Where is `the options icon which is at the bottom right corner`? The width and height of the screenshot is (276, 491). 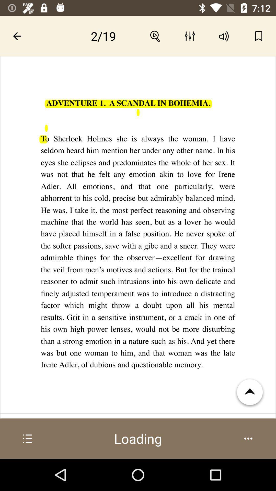
the options icon which is at the bottom right corner is located at coordinates (248, 438).